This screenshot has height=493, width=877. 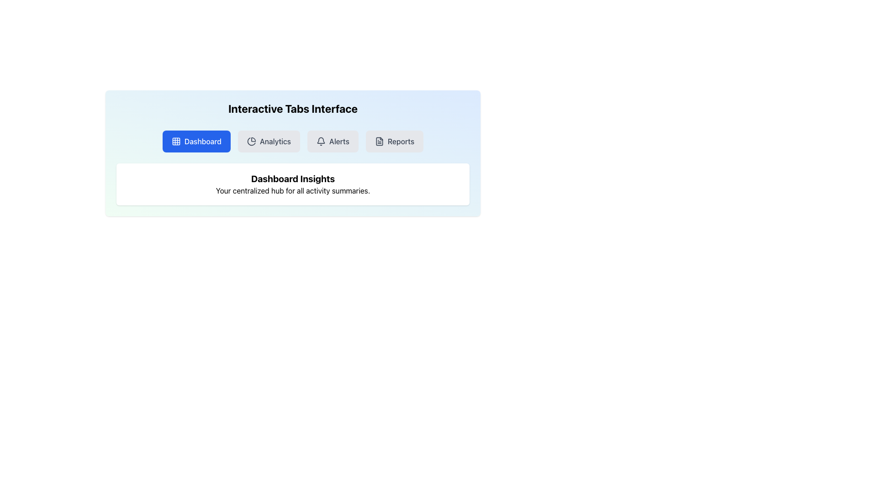 What do you see at coordinates (293, 184) in the screenshot?
I see `text from the Informative display panel titled 'Dashboard Insights' which contains a bold header and a subdued subtext` at bounding box center [293, 184].